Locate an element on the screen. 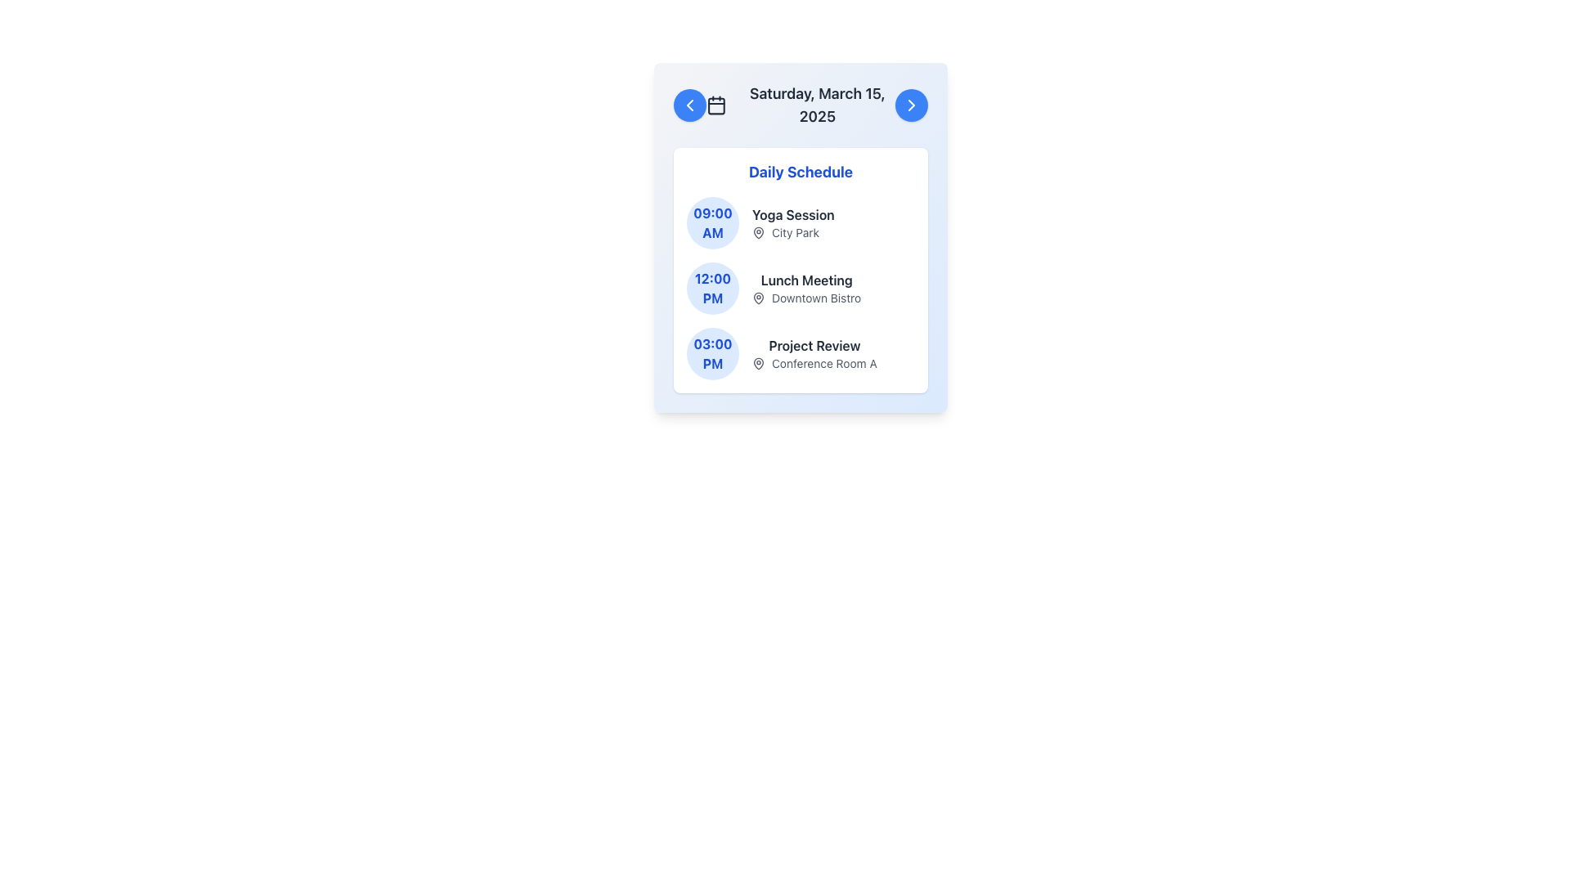 The width and height of the screenshot is (1570, 883). the calendar icon that is styled with a stroke outline and is located to the left of the text 'Saturday, March 15, 2025' is located at coordinates (716, 105).